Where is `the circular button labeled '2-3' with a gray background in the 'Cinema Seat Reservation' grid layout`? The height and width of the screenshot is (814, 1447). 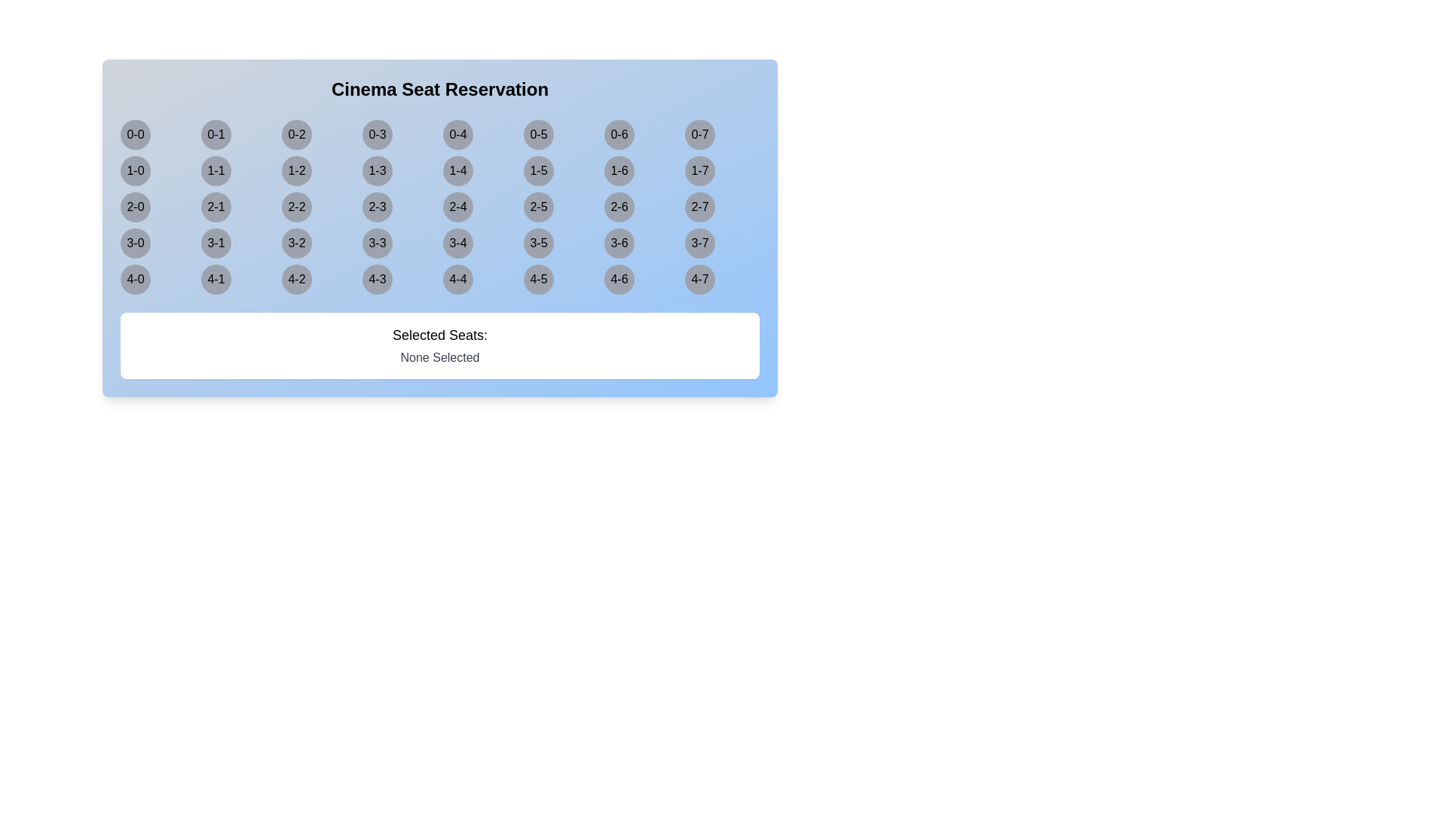
the circular button labeled '2-3' with a gray background in the 'Cinema Seat Reservation' grid layout is located at coordinates (377, 207).